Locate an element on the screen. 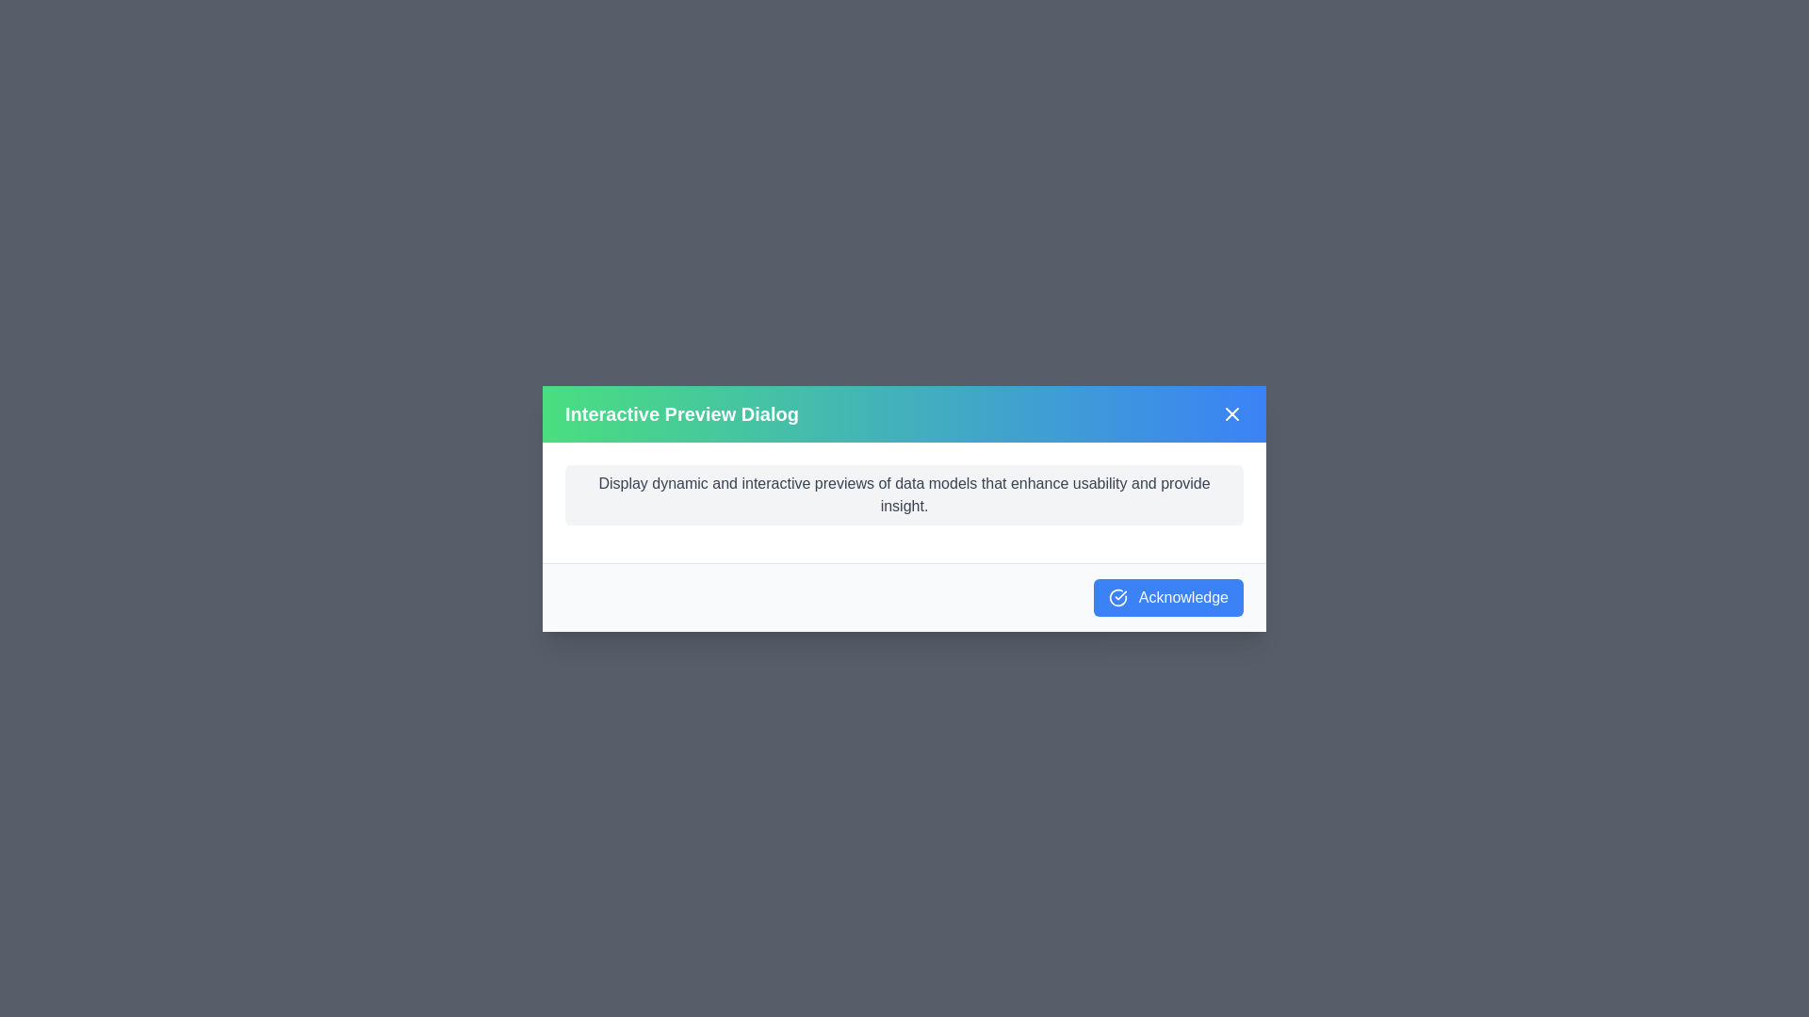 Image resolution: width=1809 pixels, height=1017 pixels. the 'Acknowledge' button to close the dialog is located at coordinates (1167, 597).